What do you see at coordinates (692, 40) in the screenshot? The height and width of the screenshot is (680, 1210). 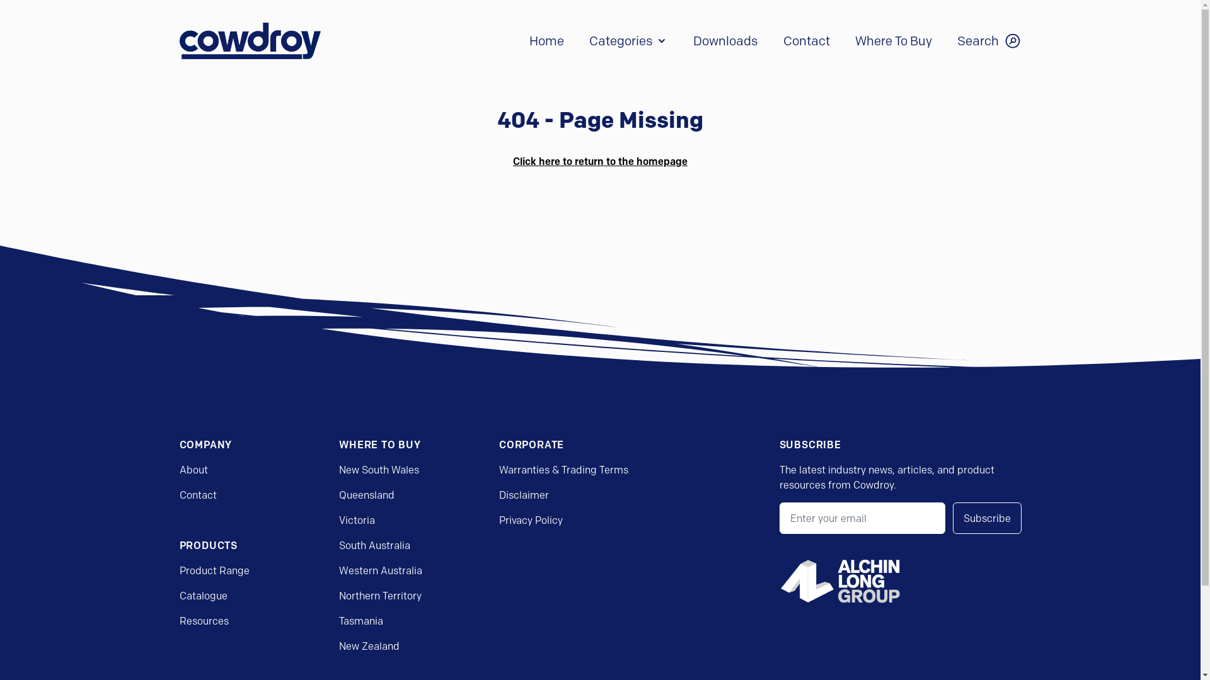 I see `'Downloads'` at bounding box center [692, 40].